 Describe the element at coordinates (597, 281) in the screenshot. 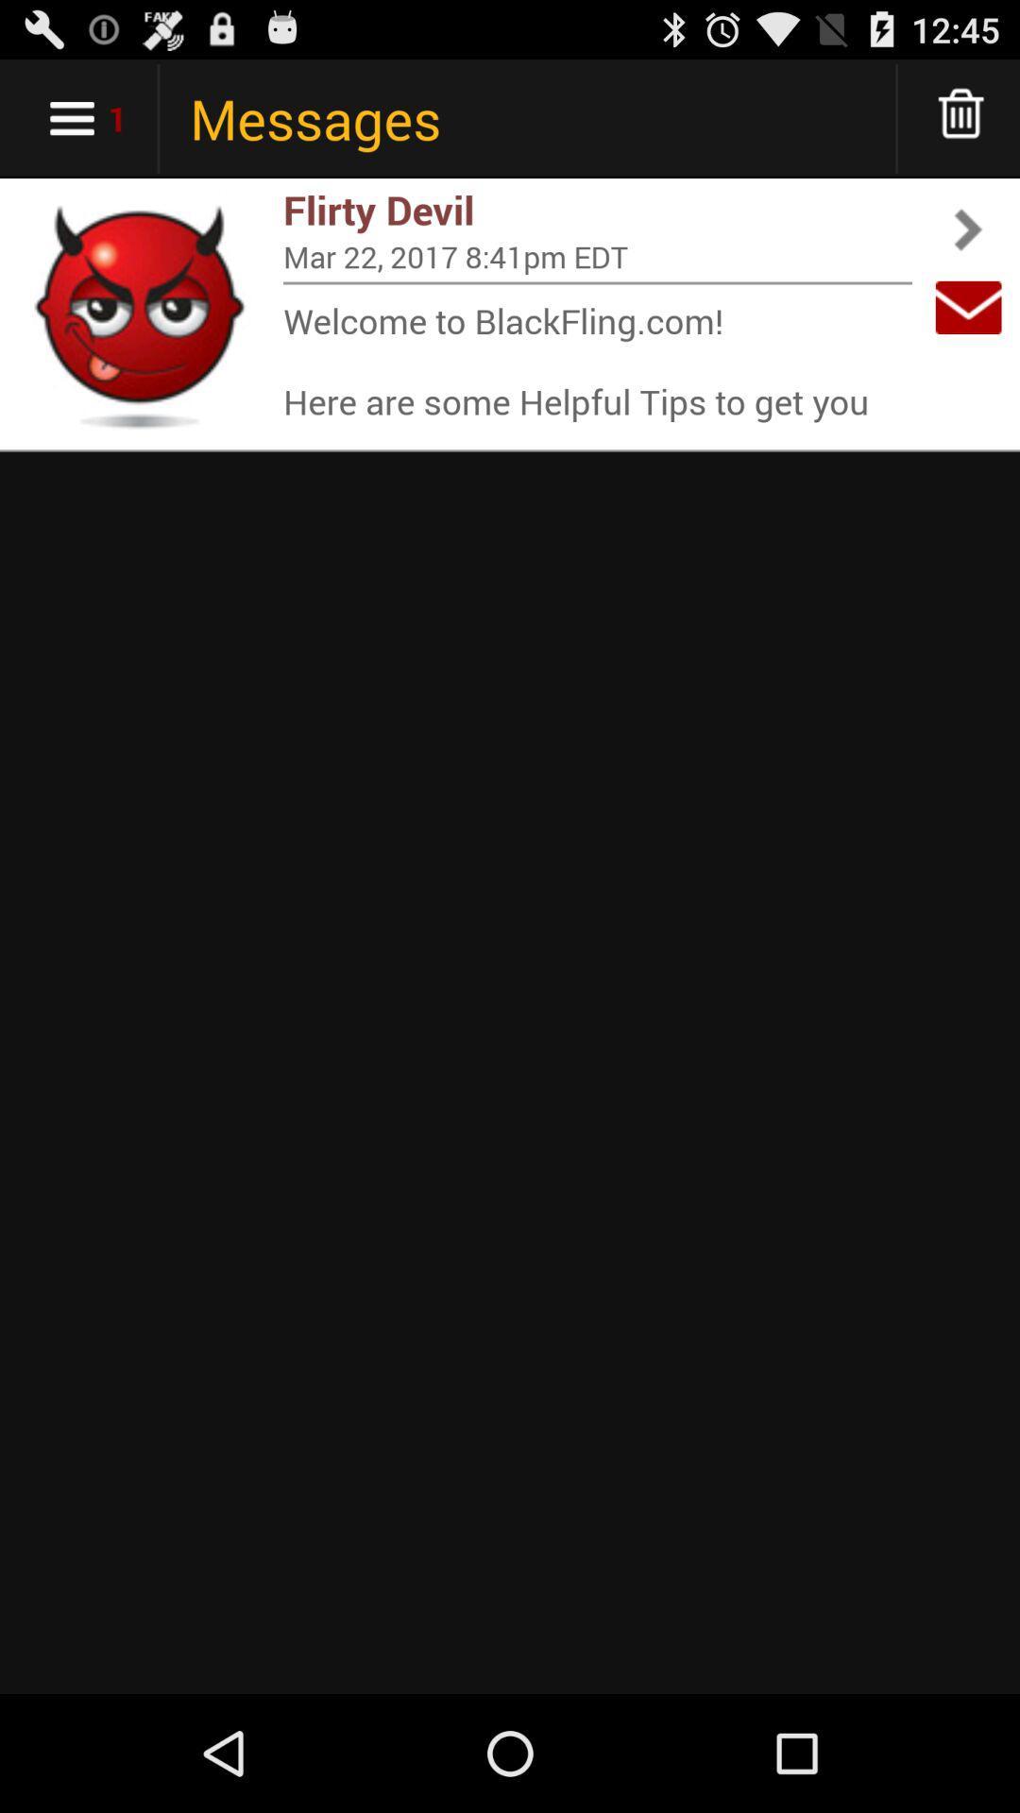

I see `icon above welcome to blackfling app` at that location.